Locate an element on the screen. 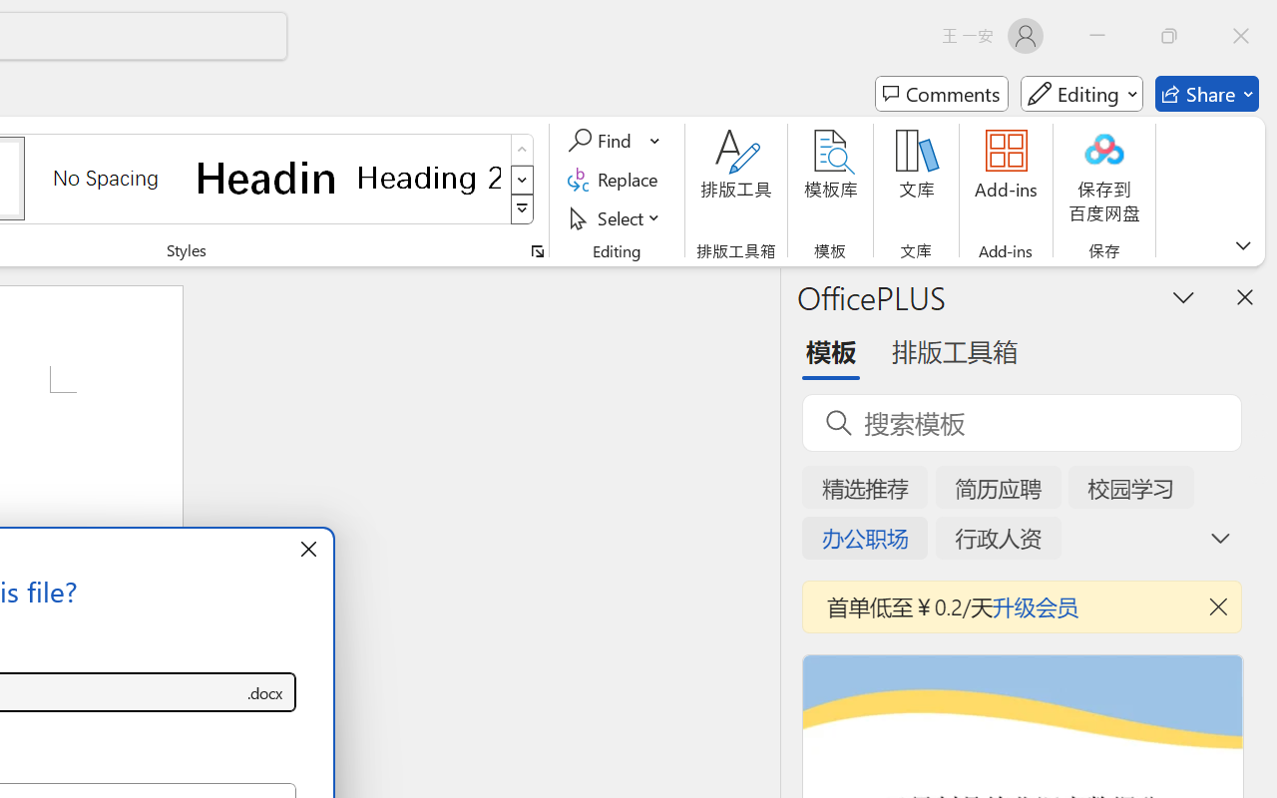  'Ribbon Display Options' is located at coordinates (1242, 244).